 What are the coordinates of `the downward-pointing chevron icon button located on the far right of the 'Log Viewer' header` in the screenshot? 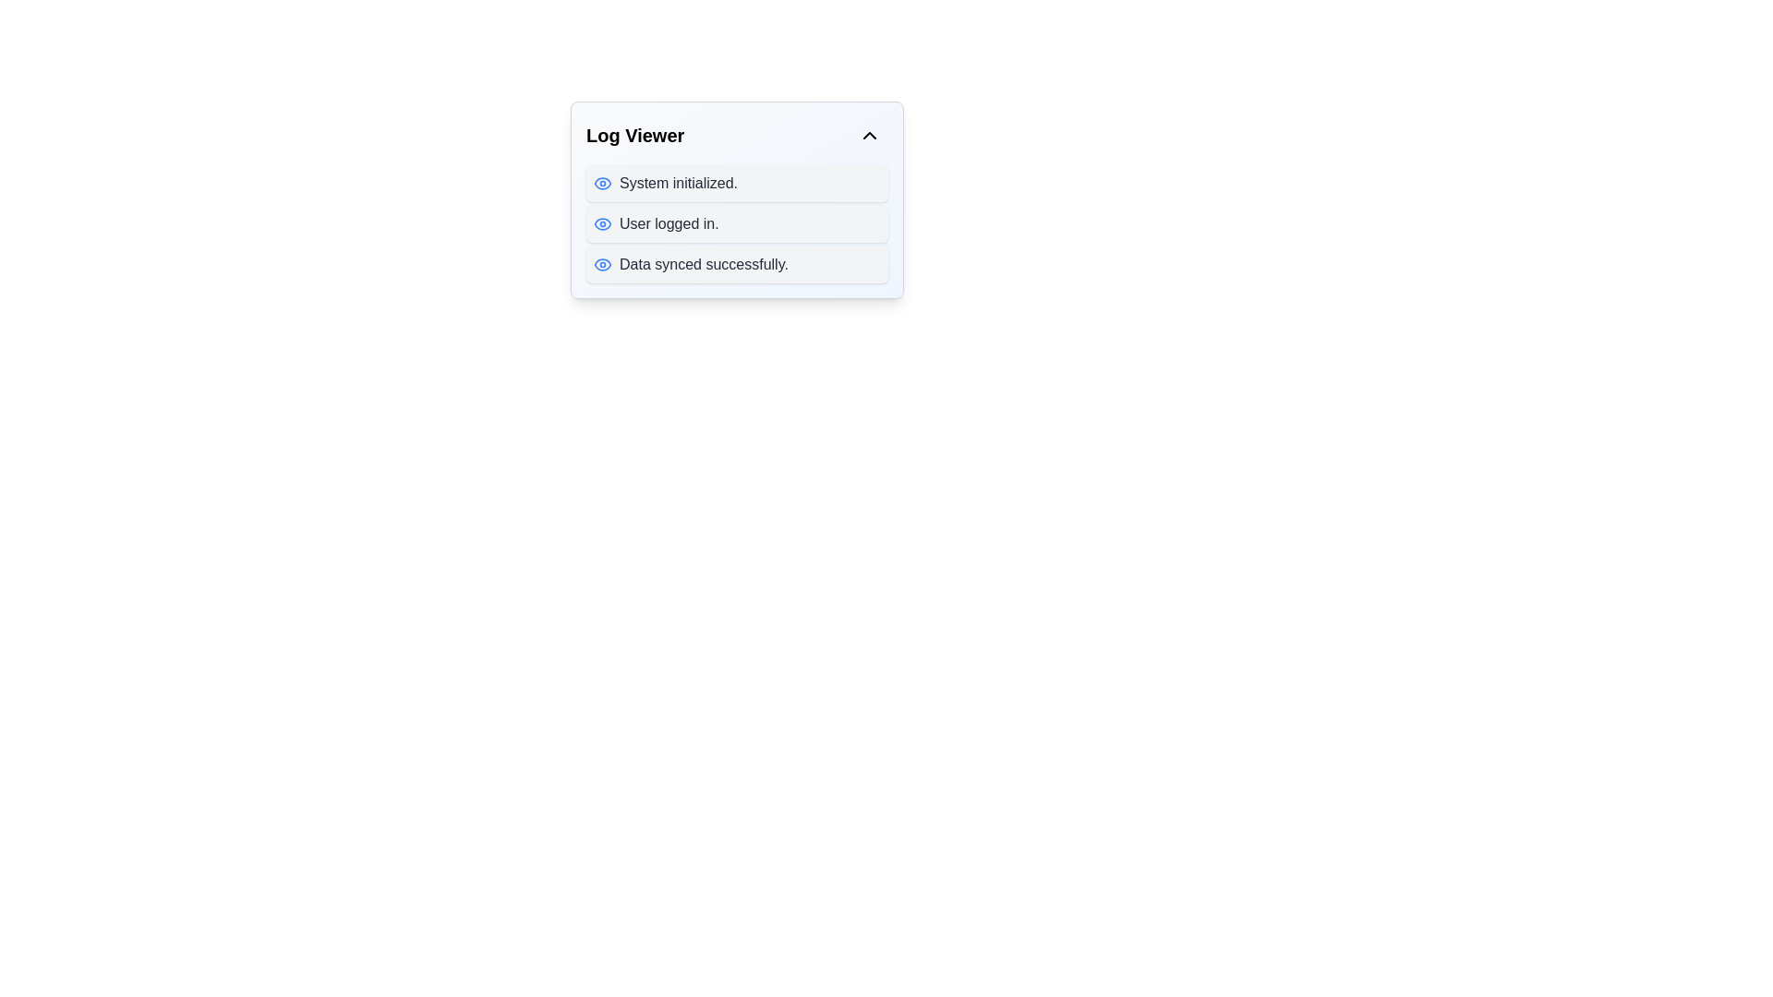 It's located at (868, 134).